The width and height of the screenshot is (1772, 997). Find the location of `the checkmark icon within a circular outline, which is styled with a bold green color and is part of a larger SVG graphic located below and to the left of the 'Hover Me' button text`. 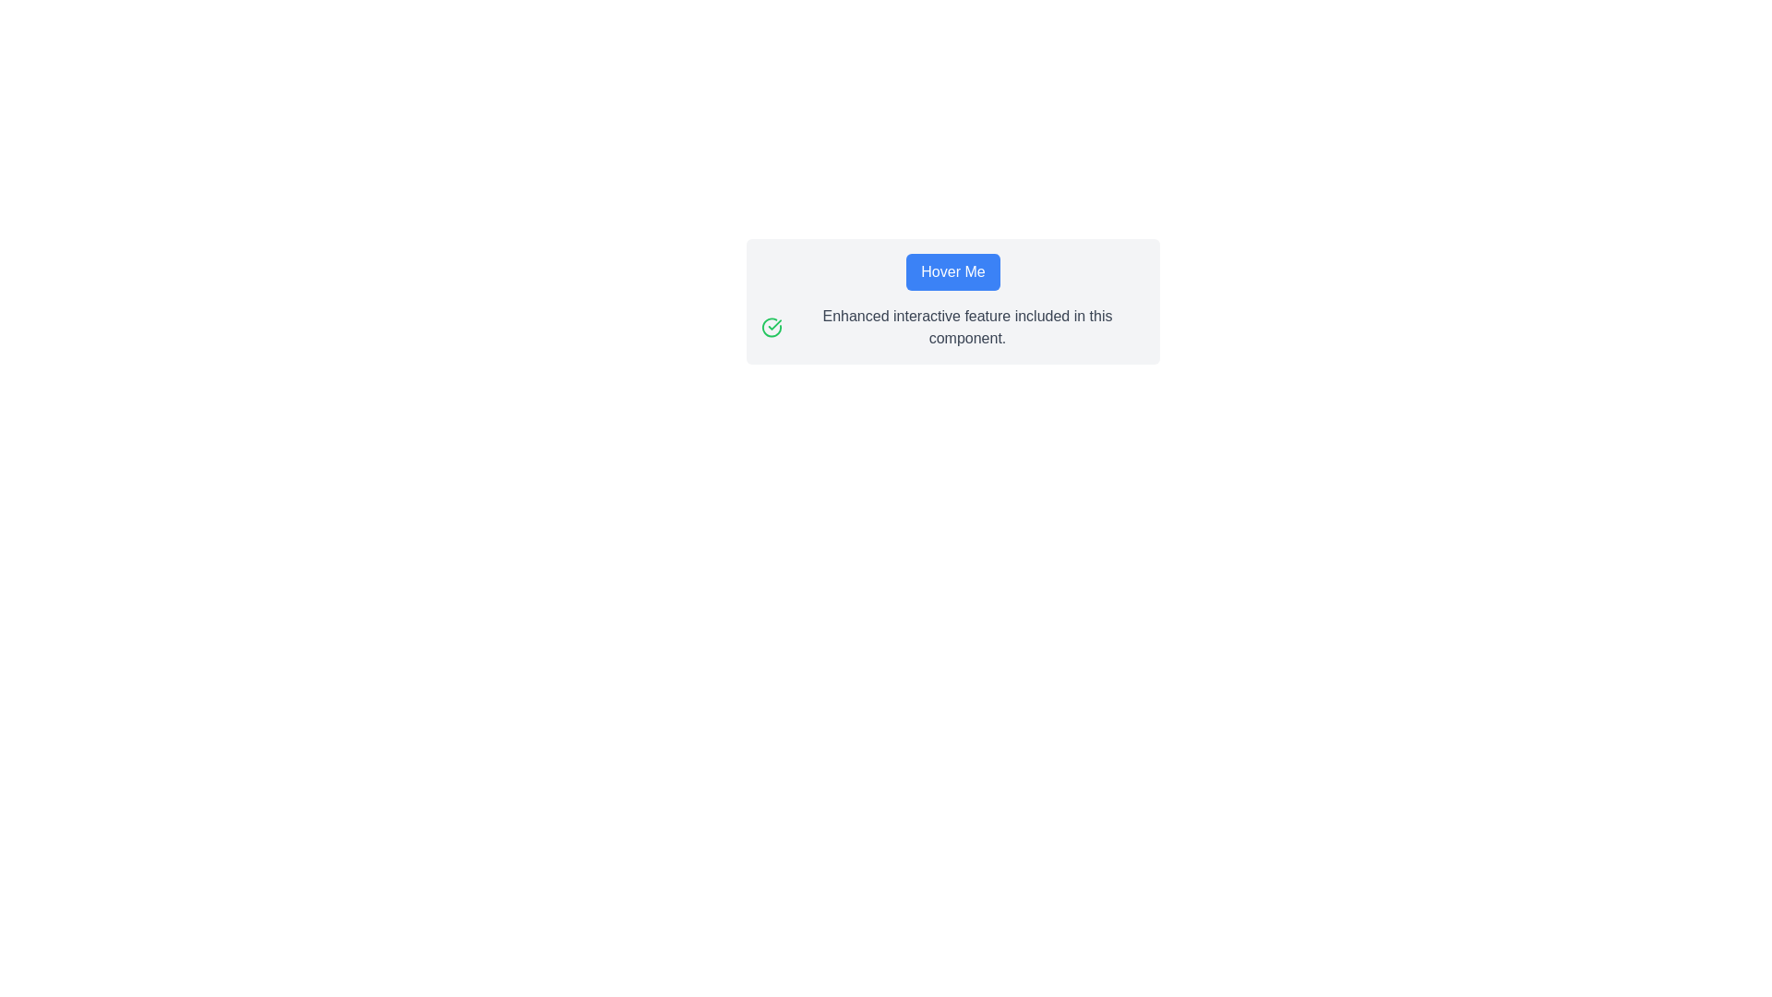

the checkmark icon within a circular outline, which is styled with a bold green color and is part of a larger SVG graphic located below and to the left of the 'Hover Me' button text is located at coordinates (774, 324).